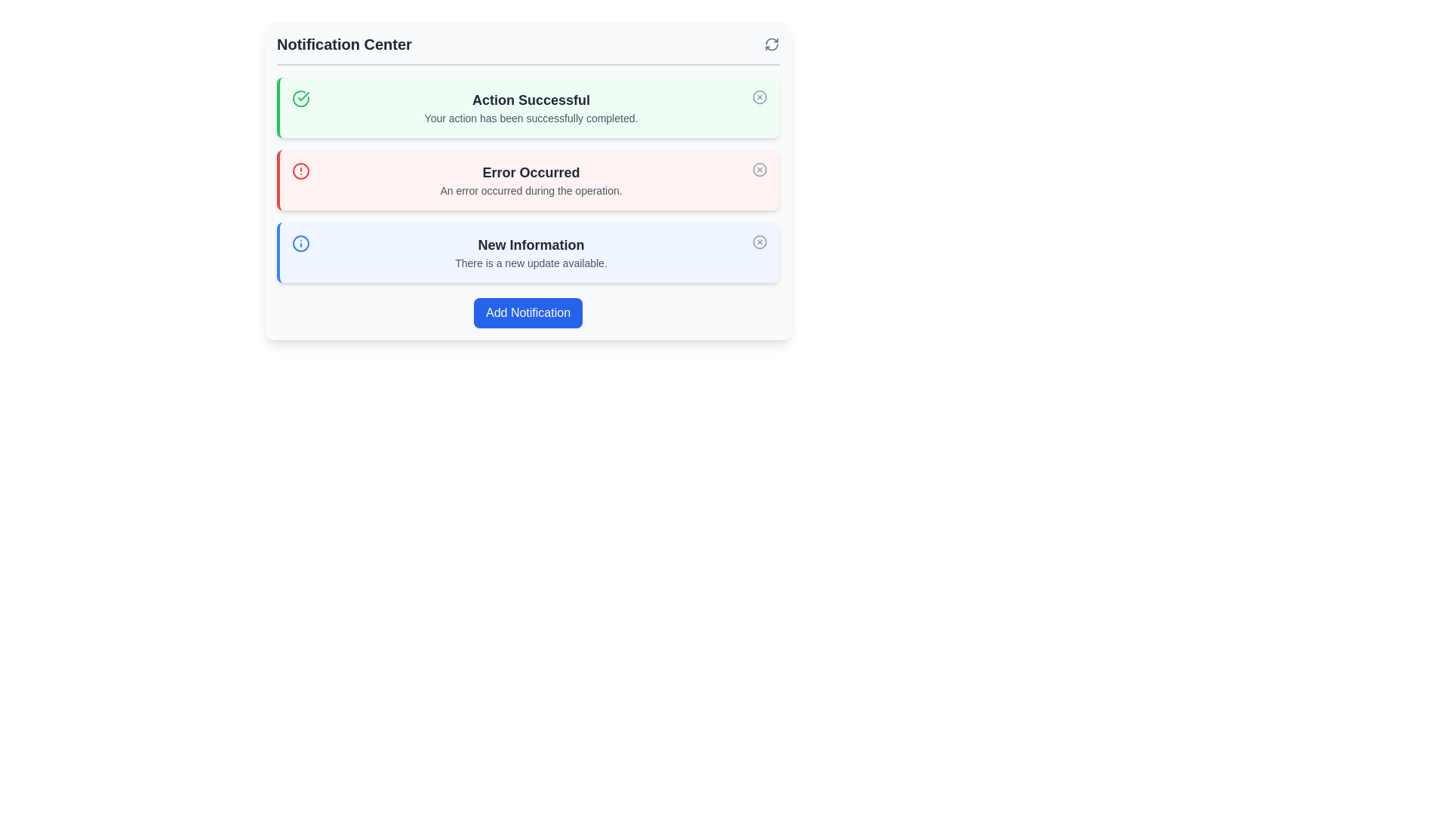  Describe the element at coordinates (760, 169) in the screenshot. I see `the circular gray button with a crossed-out mark inside, located at the top-right corner of the 'Error Occurred' notification box to change its shade` at that location.